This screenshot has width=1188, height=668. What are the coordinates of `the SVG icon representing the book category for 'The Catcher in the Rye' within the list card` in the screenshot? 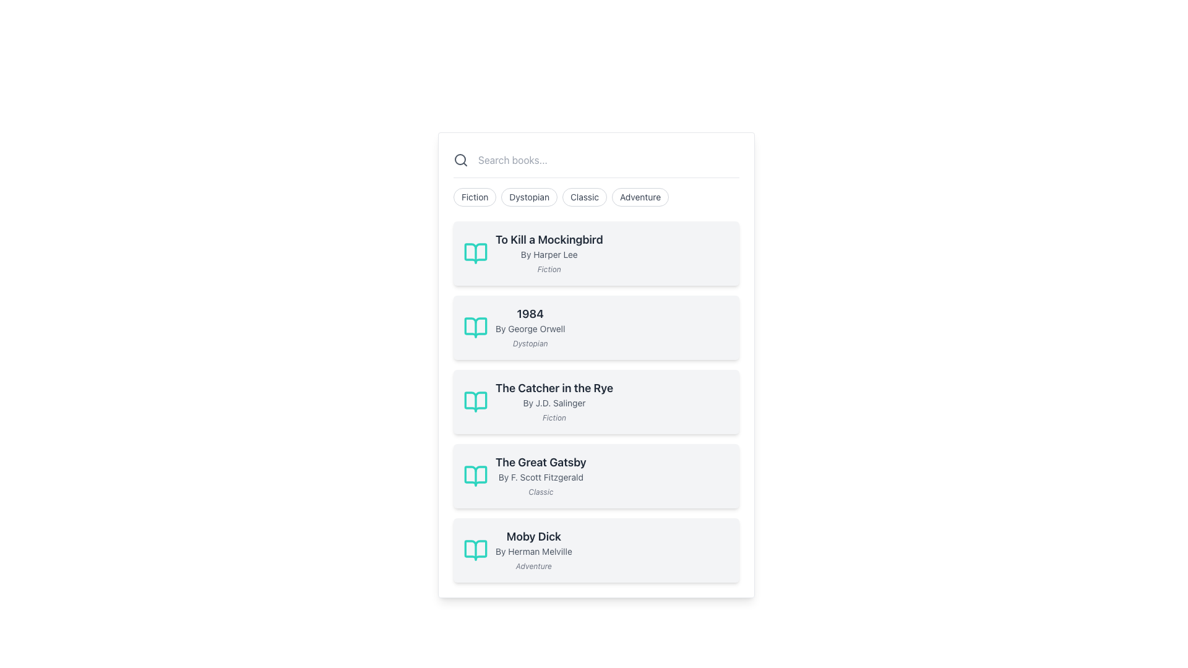 It's located at (475, 402).